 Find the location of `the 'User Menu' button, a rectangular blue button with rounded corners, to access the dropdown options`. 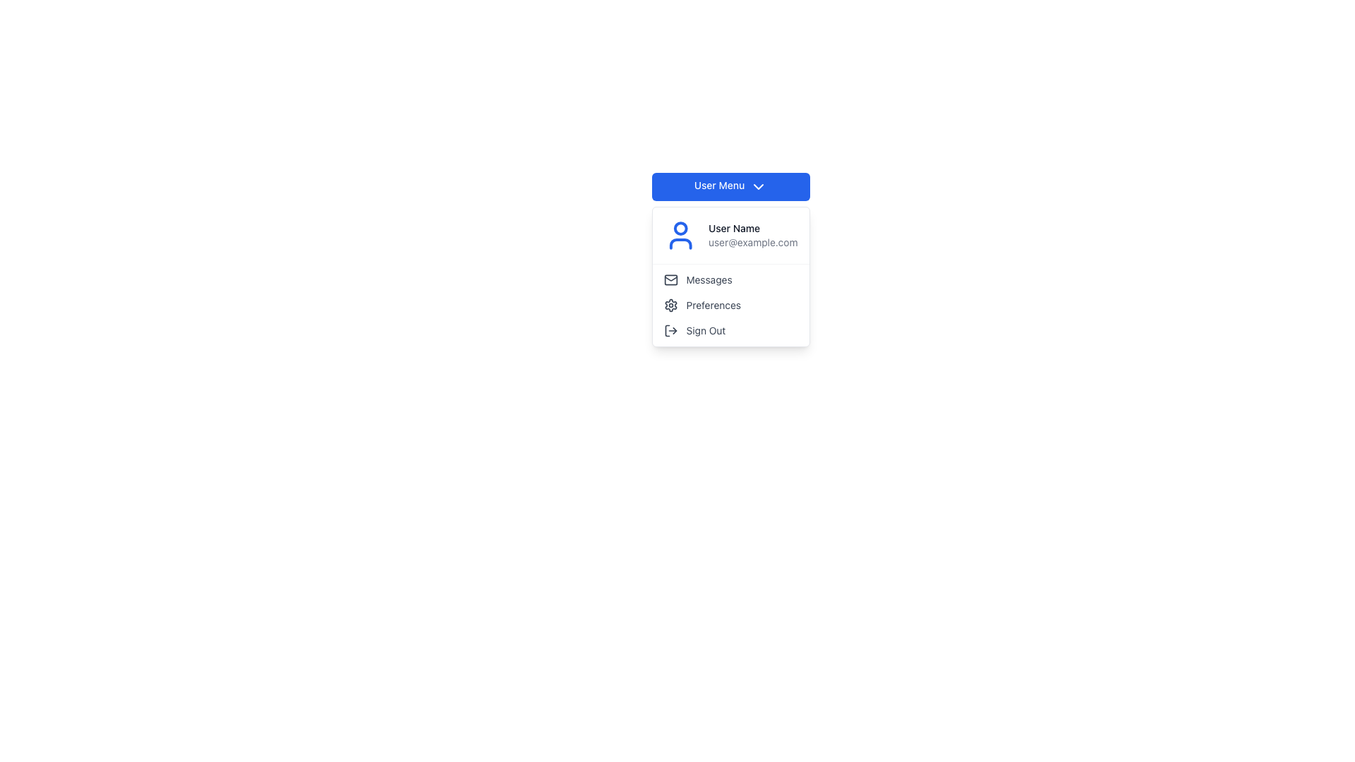

the 'User Menu' button, a rectangular blue button with rounded corners, to access the dropdown options is located at coordinates (730, 186).